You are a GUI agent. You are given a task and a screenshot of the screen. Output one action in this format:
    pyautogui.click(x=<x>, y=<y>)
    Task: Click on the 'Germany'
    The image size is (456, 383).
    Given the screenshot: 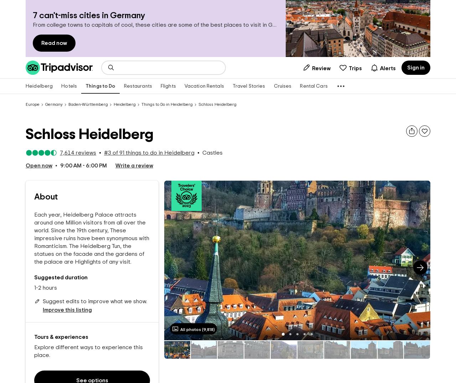 What is the action you would take?
    pyautogui.click(x=45, y=104)
    